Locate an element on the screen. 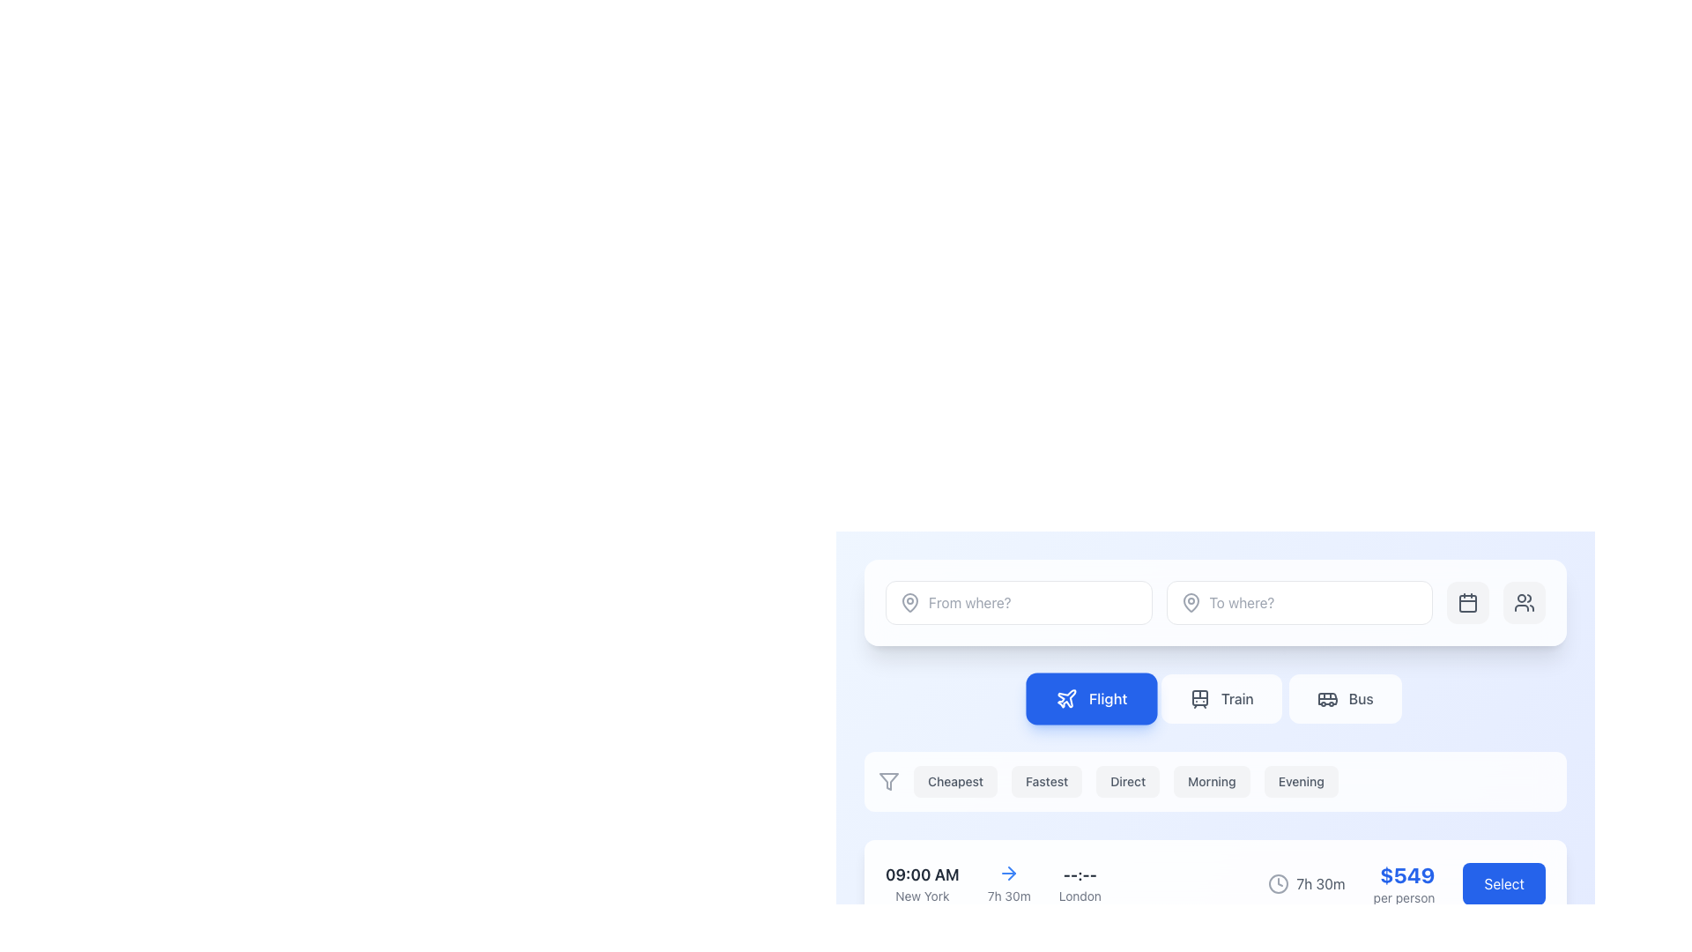  the 'Train' icon is located at coordinates (1198, 698).